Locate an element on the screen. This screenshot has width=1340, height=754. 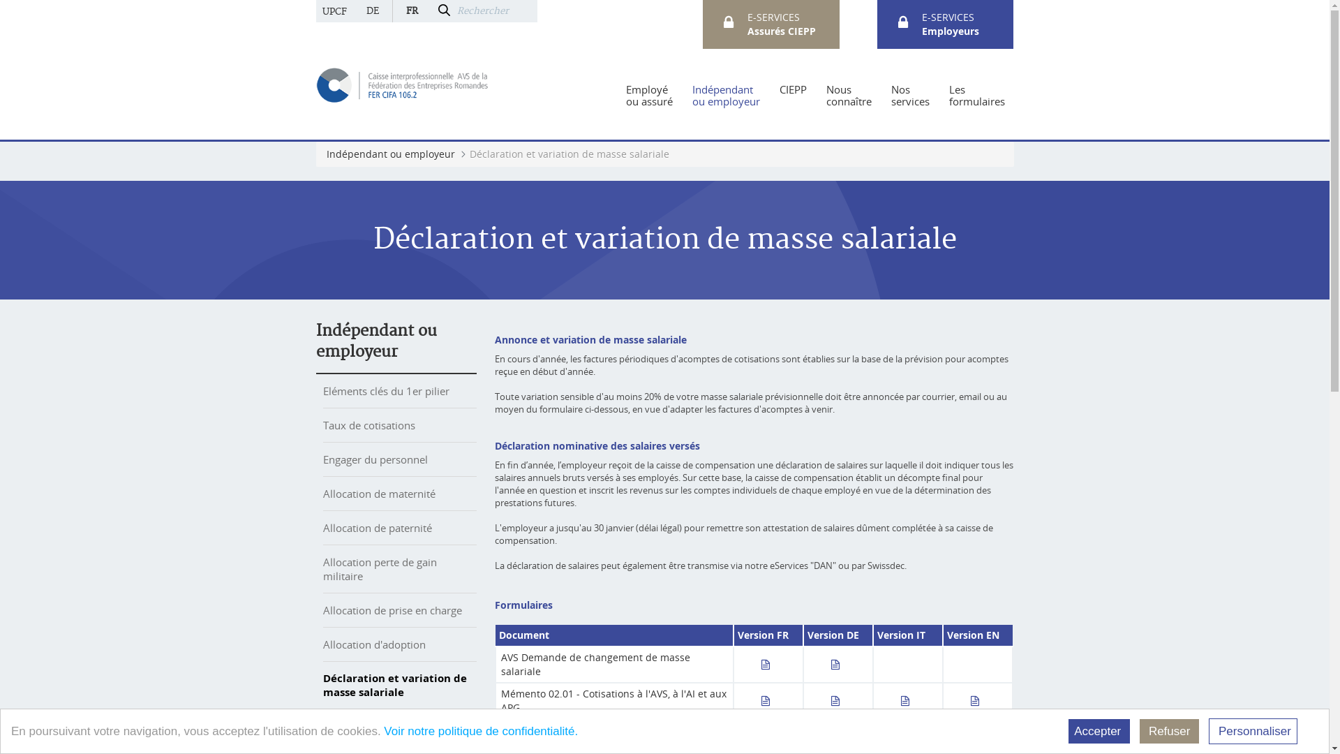
'Allocations familiales' is located at coordinates (373, 726).